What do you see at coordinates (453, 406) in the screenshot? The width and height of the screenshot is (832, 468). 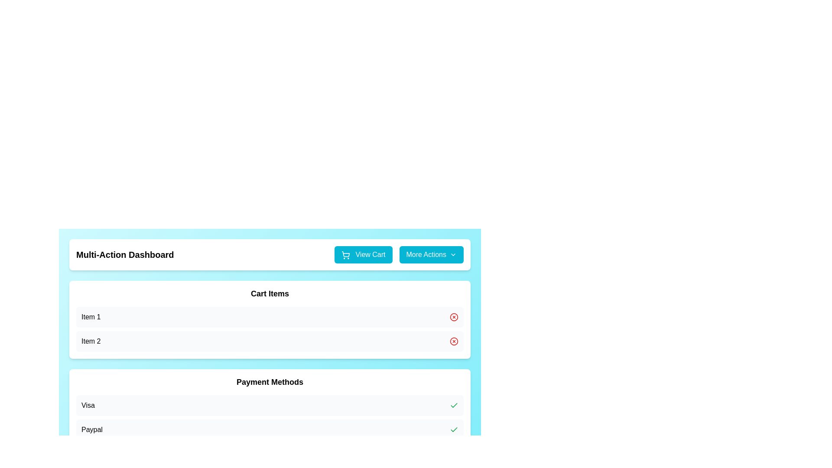 I see `the green checkmark icon located in the 'Payment Methods' section, adjacent to the 'Visa' text` at bounding box center [453, 406].